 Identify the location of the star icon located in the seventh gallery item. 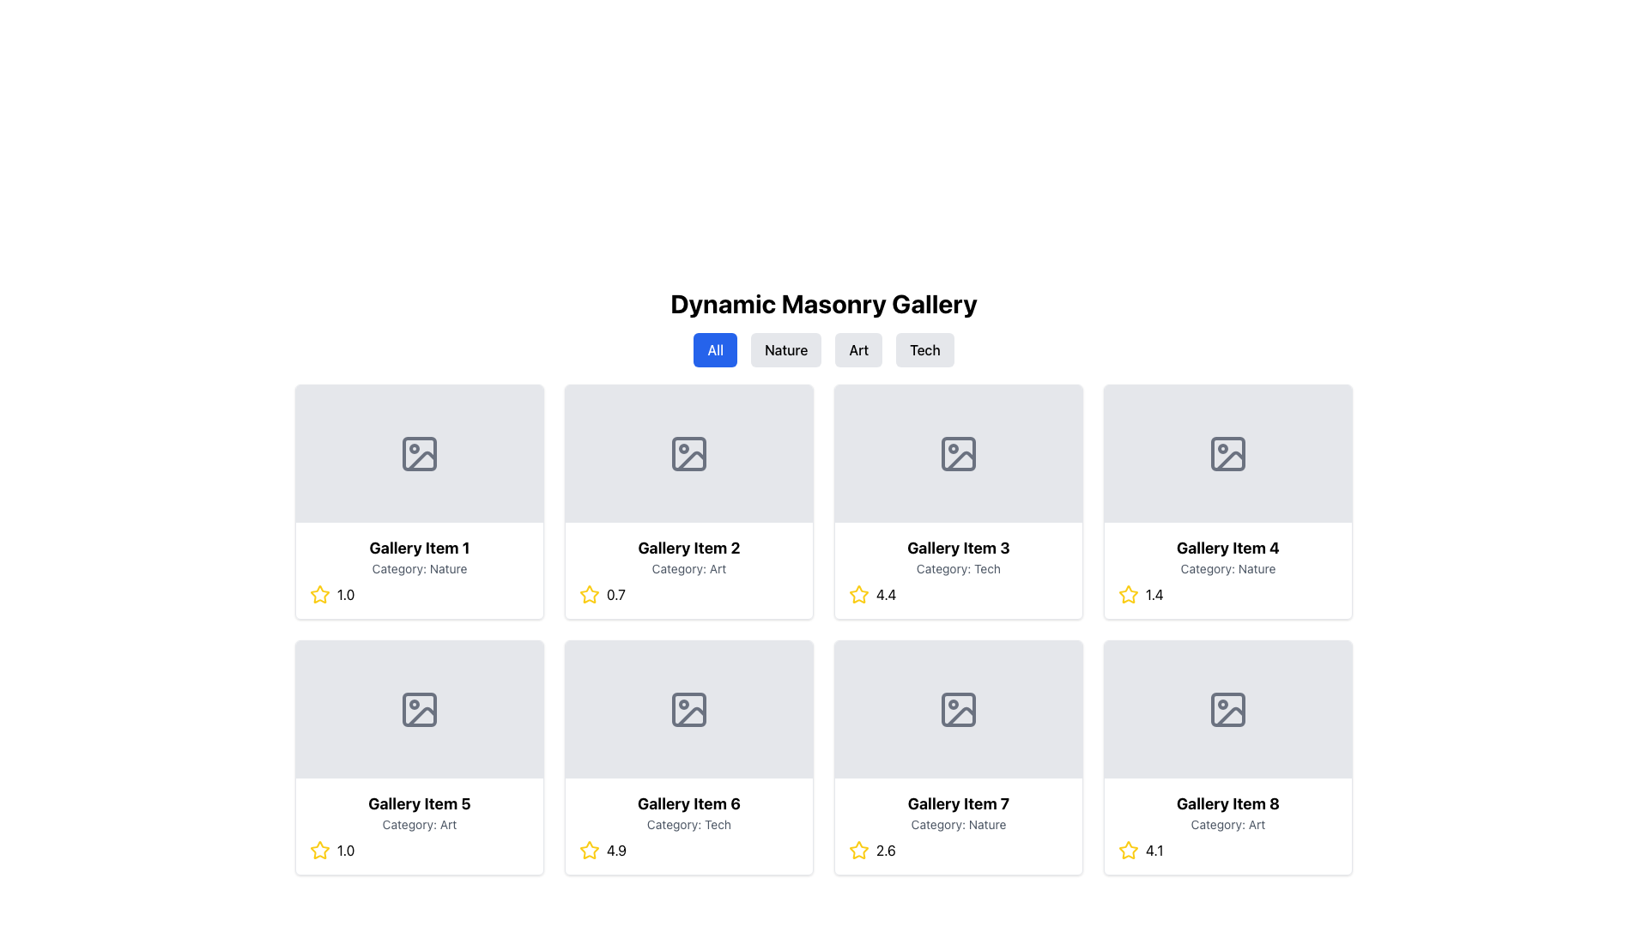
(859, 851).